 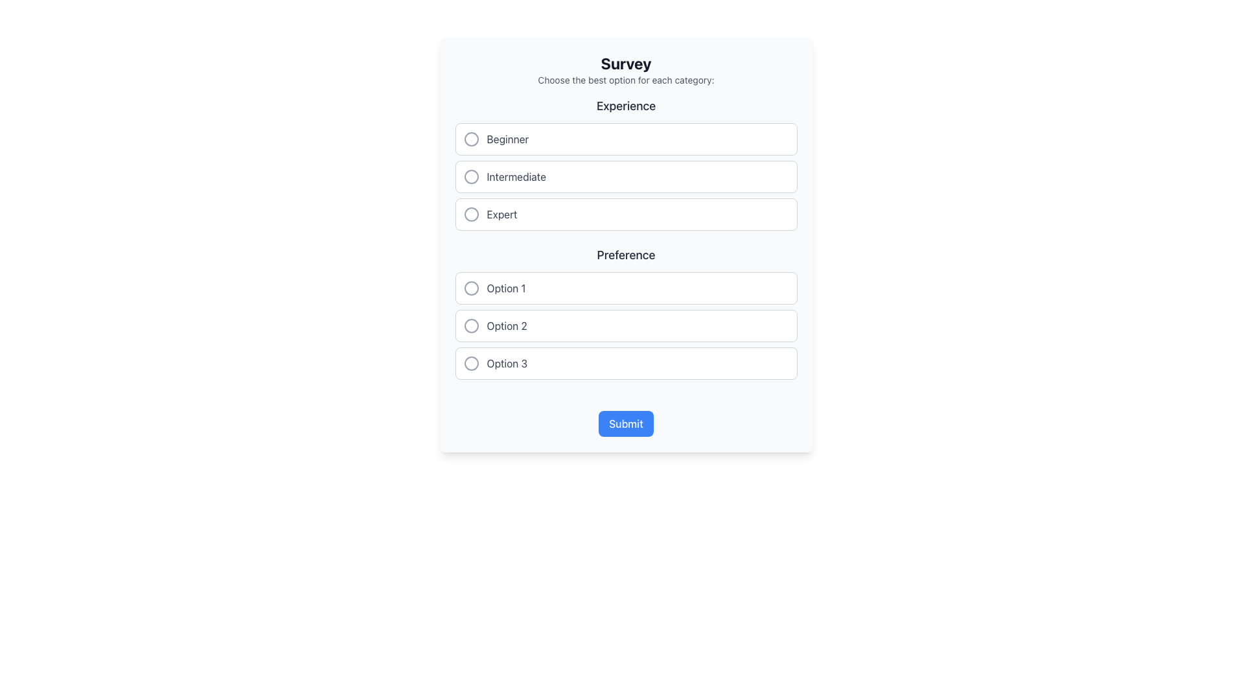 What do you see at coordinates (470, 287) in the screenshot?
I see `the radio button indicator circle for 'Option 1'` at bounding box center [470, 287].